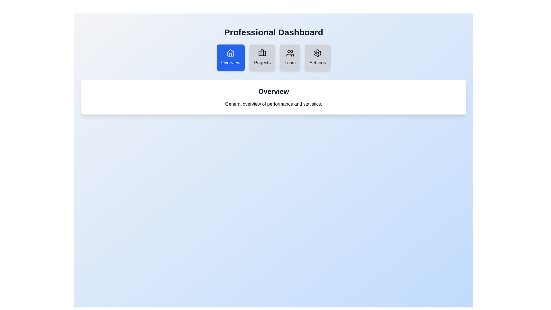 This screenshot has height=310, width=551. I want to click on the tab labeled Overview to observe its visual effects, so click(231, 57).